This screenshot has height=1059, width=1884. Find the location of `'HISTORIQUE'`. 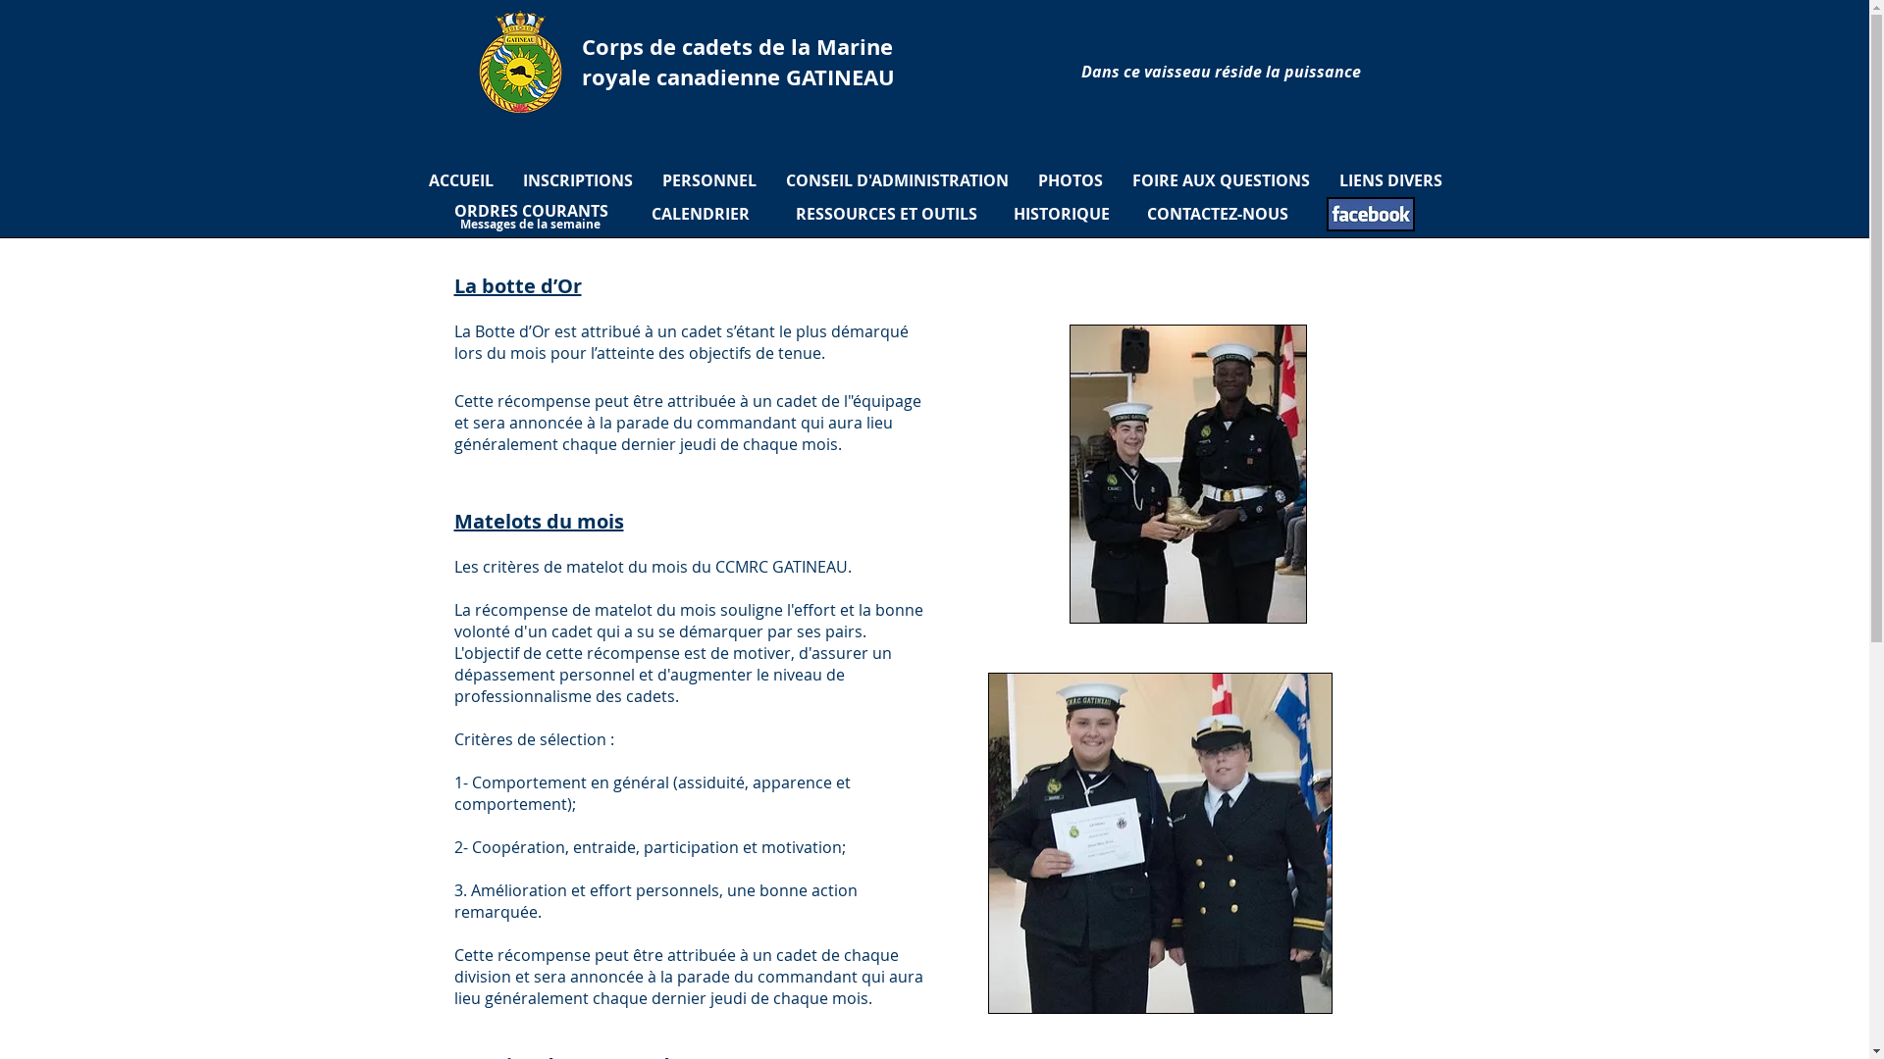

'HISTORIQUE' is located at coordinates (1059, 214).